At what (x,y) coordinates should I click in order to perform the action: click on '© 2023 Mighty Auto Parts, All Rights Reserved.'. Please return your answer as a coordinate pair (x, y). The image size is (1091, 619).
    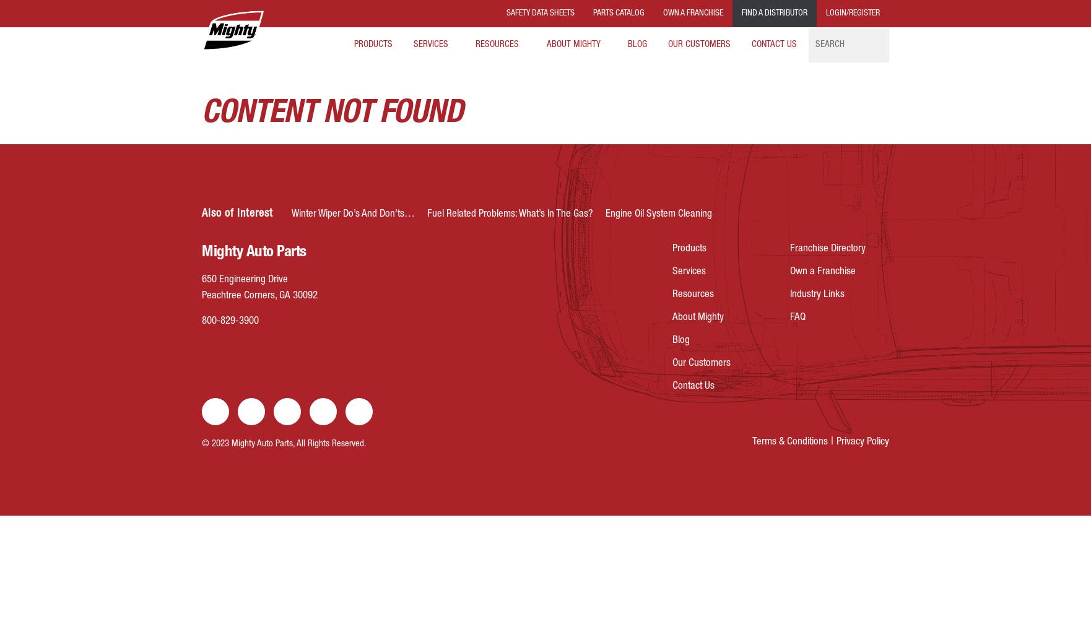
    Looking at the image, I should click on (284, 443).